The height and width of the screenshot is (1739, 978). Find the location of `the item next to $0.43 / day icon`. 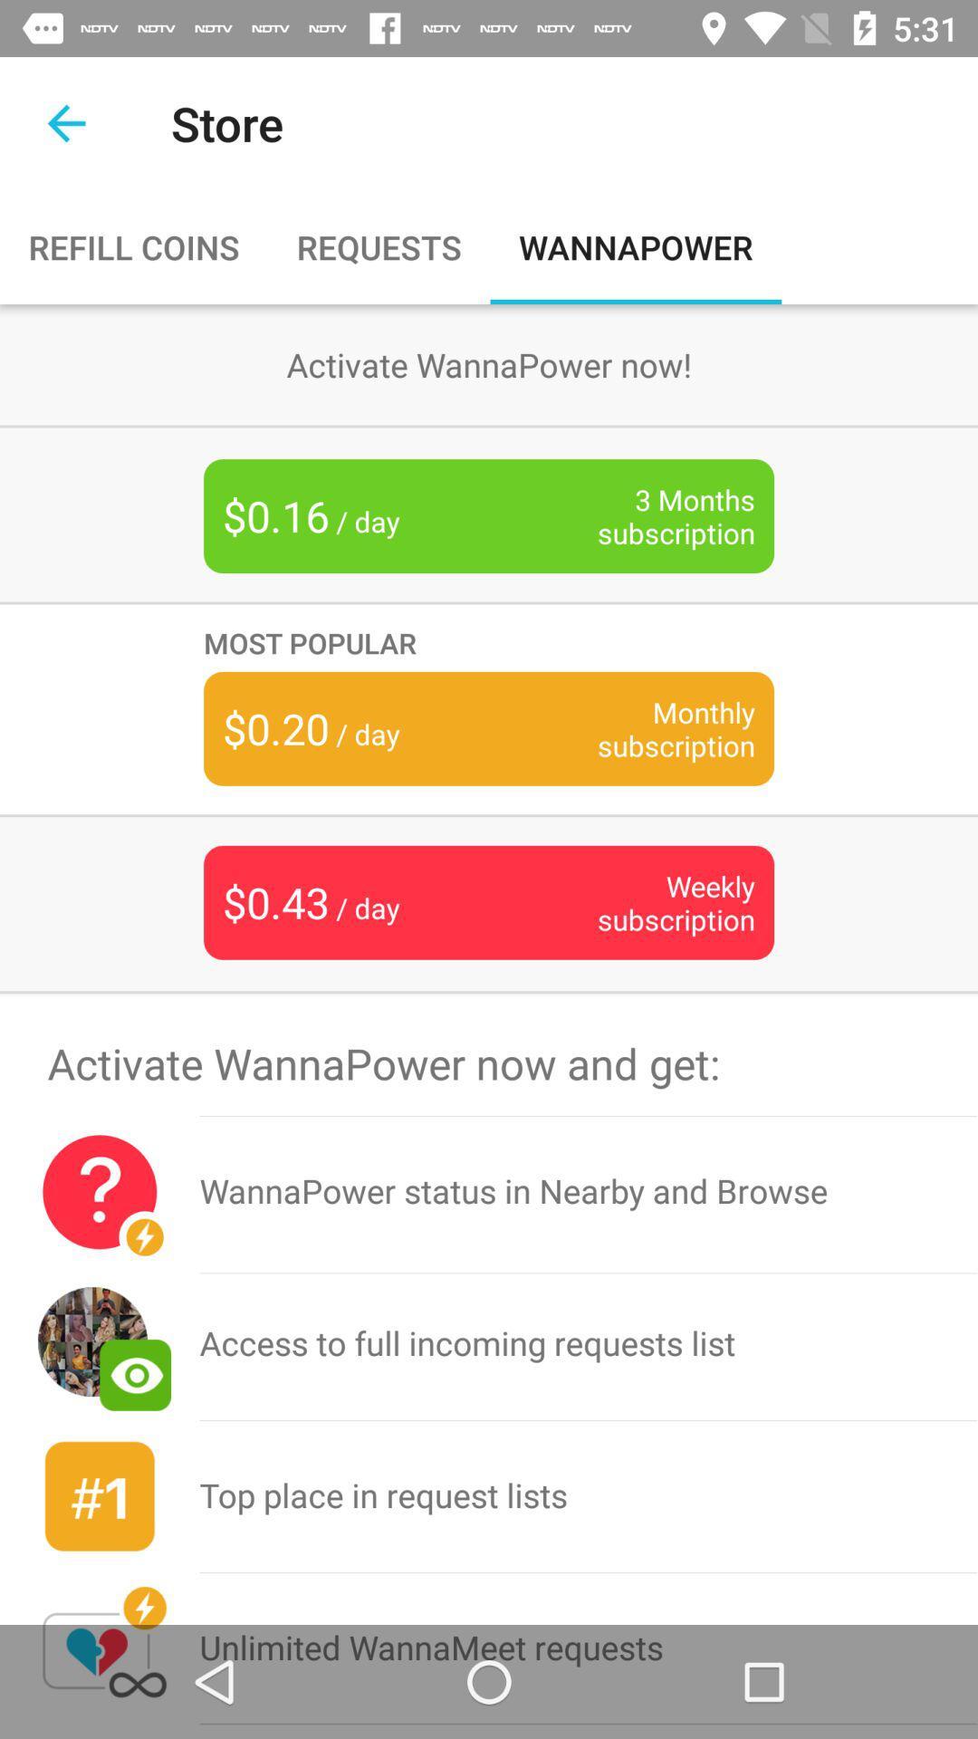

the item next to $0.43 / day icon is located at coordinates (647, 902).